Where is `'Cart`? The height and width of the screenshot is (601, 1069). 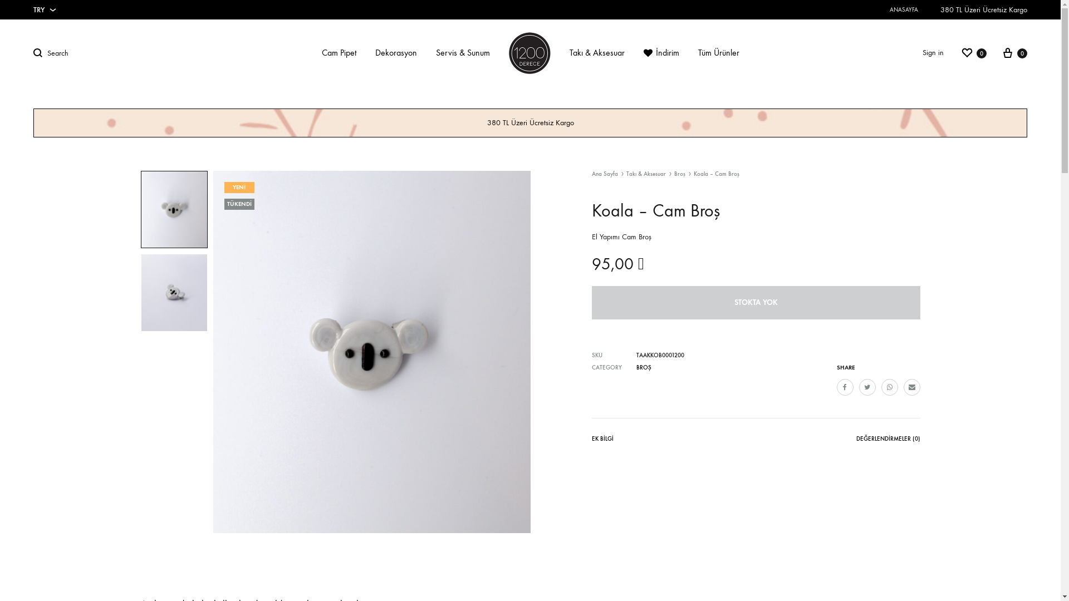 'Cart is located at coordinates (1014, 52).